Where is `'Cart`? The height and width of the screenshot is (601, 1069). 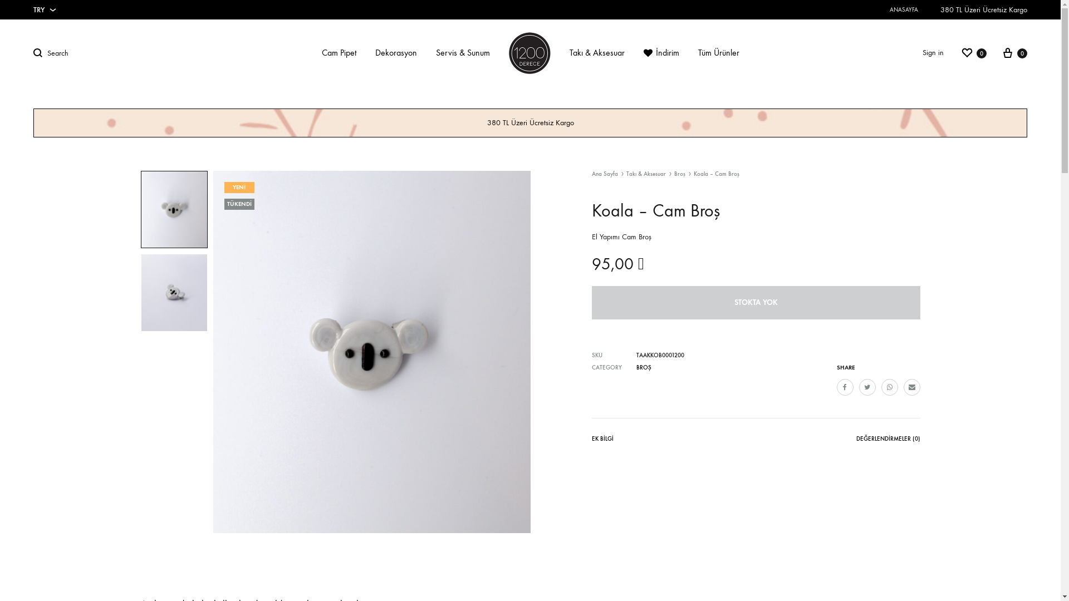 'Cart is located at coordinates (1014, 52).